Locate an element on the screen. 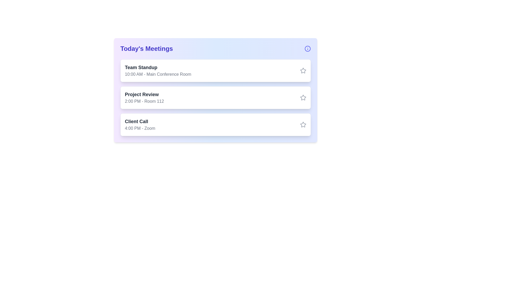 This screenshot has height=286, width=508. the SVG circle located at the top-right corner of the meeting interface, inside the 'Info' icon is located at coordinates (307, 49).